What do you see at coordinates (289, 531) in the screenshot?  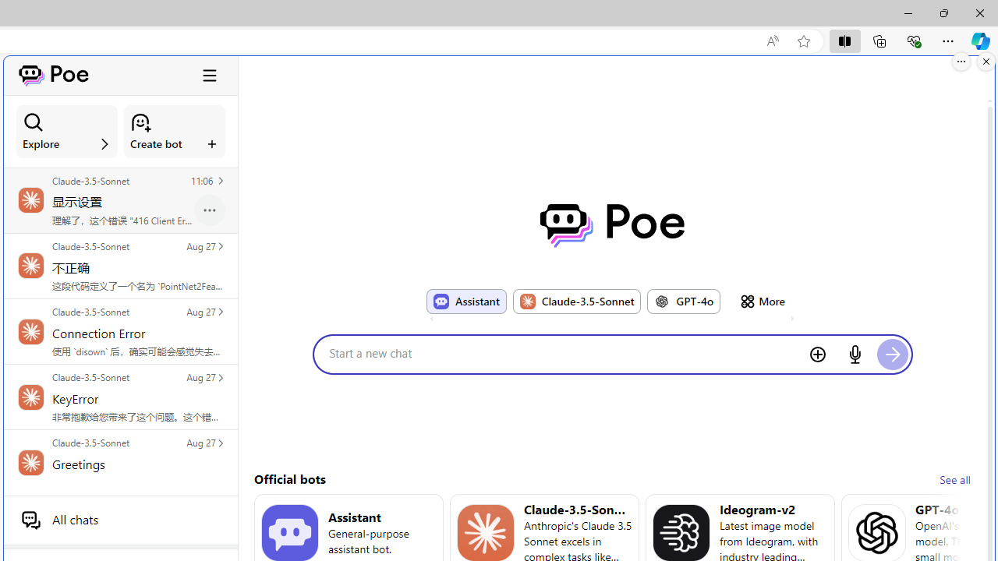 I see `'Bot image for Assistant'` at bounding box center [289, 531].